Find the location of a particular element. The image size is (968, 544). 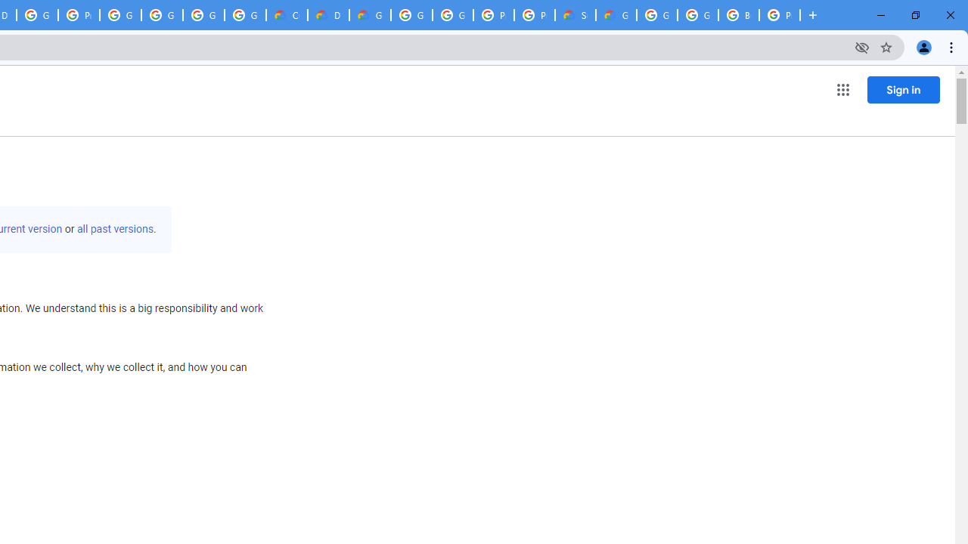

'Google Cloud Platform' is located at coordinates (411, 15).